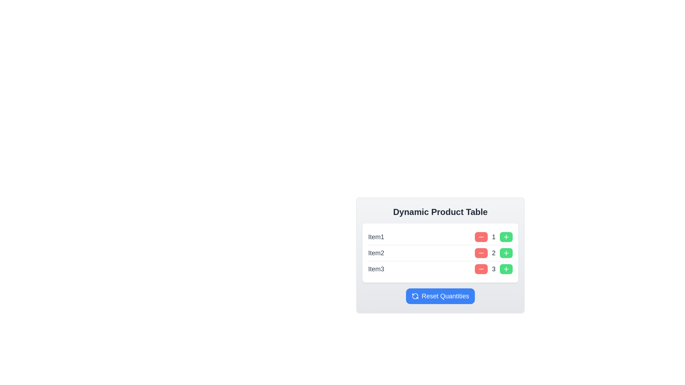 This screenshot has width=685, height=385. I want to click on the numeric display showing the value '3', which is located between a red minus button on the left and a green plus button on the right in the third row of the product table interface, so click(493, 269).